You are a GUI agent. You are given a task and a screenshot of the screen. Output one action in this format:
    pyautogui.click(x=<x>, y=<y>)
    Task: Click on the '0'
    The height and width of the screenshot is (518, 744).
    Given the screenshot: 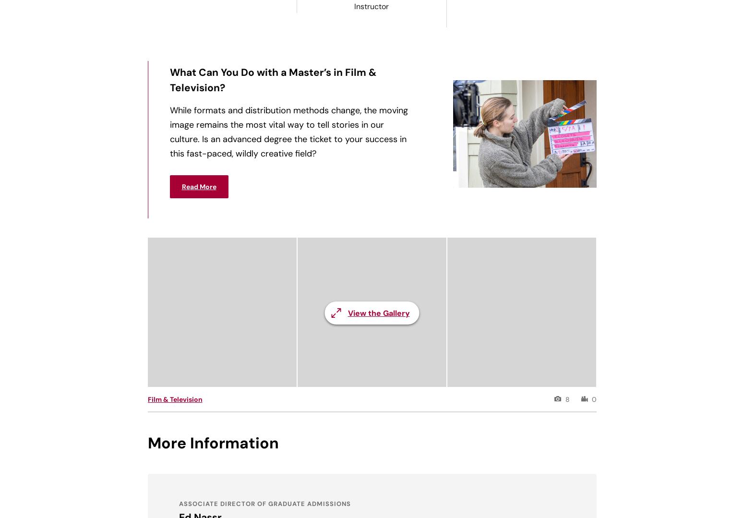 What is the action you would take?
    pyautogui.click(x=591, y=399)
    